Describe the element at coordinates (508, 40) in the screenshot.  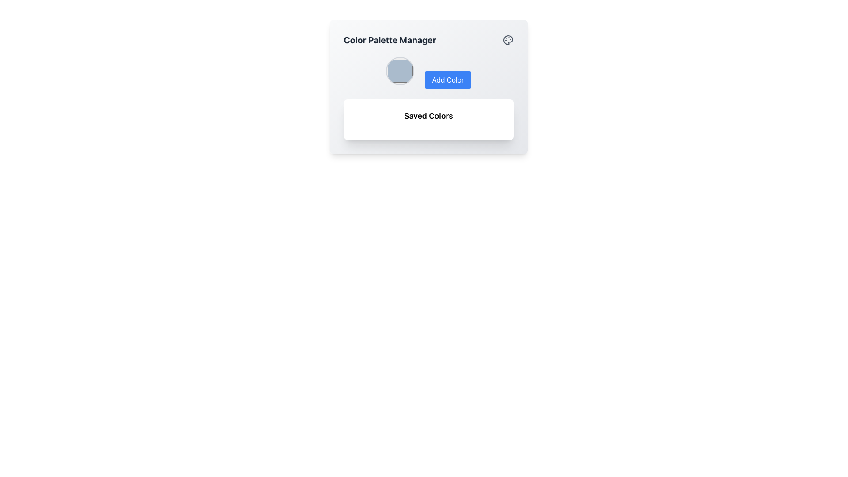
I see `the graphical icon representing the paint palette feature located at the upper-right corner of the graphical panel, adjacent to the 'Color Palette Manager' heading` at that location.